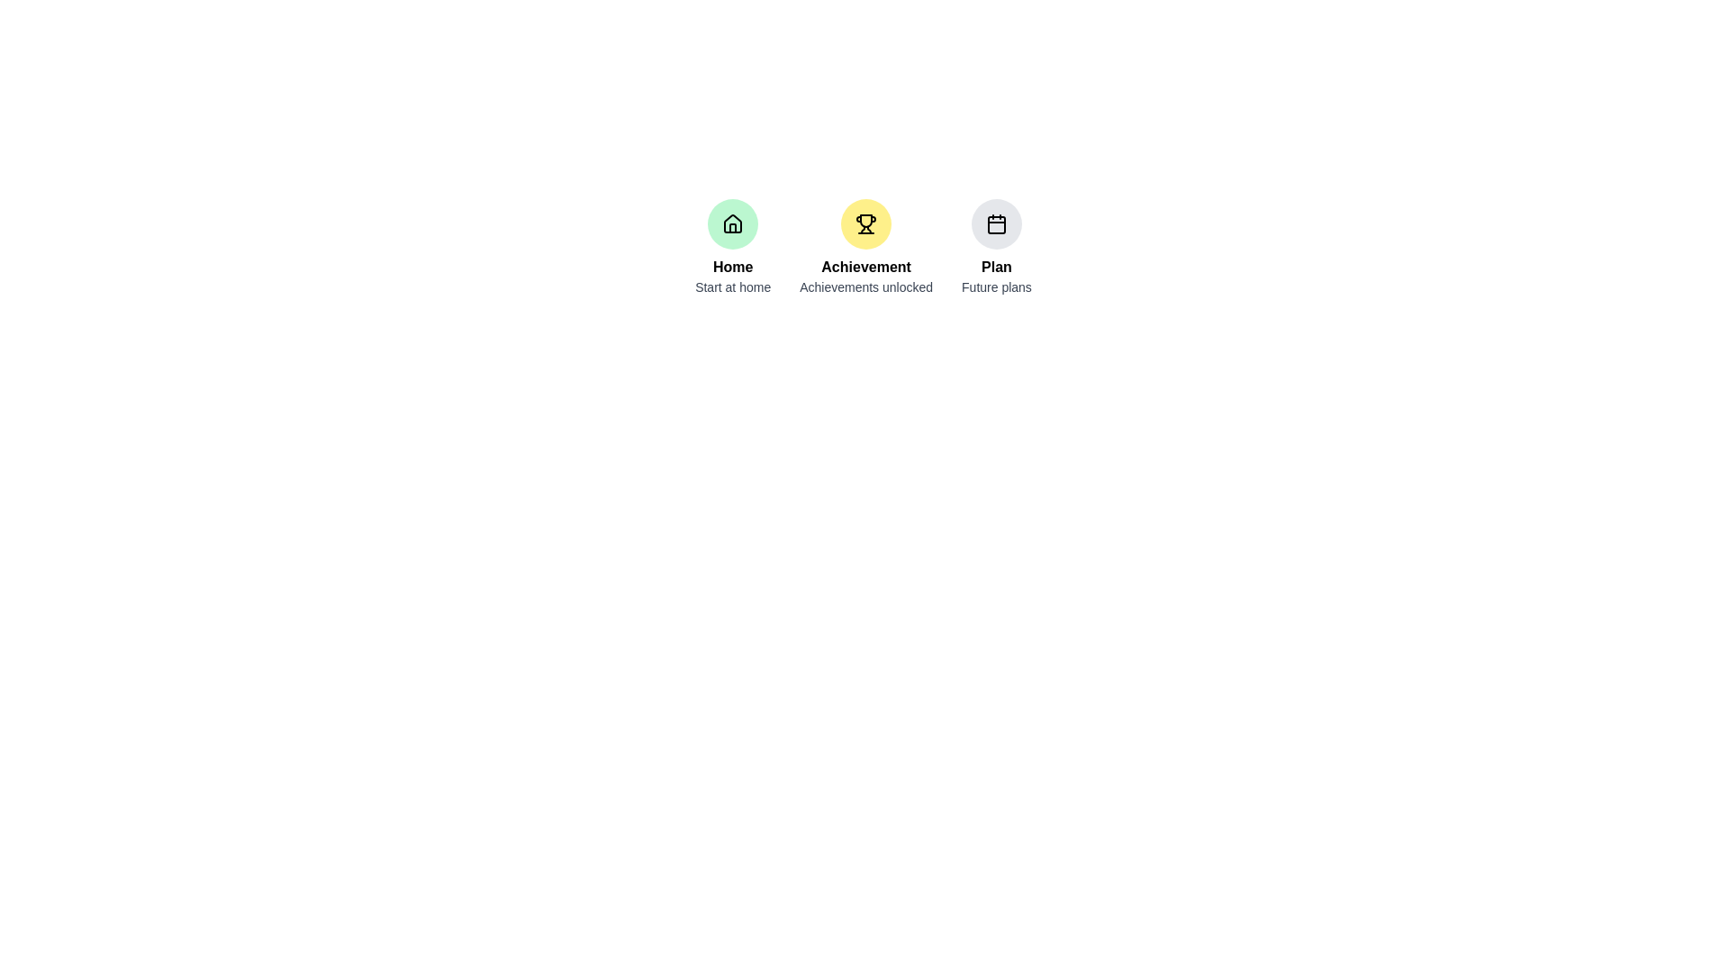  Describe the element at coordinates (866, 220) in the screenshot. I see `the trophy-shaped achievement icon, which is located inside a circular yellow background and is the central option among three icons labeled 'Achievement'` at that location.